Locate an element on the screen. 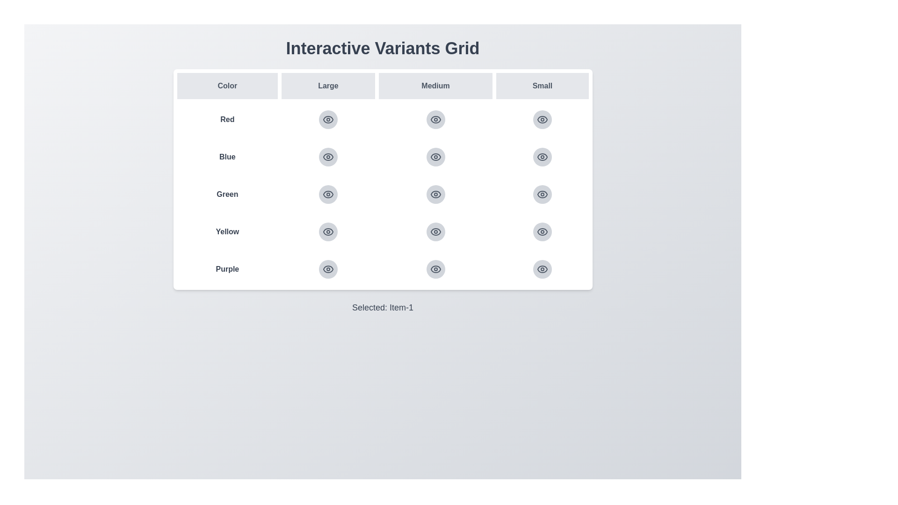 This screenshot has height=505, width=898. the circular icon button with an eye symbol located in the fourth row titled 'Yellow' and the last column labeled 'Small' is located at coordinates (543, 231).